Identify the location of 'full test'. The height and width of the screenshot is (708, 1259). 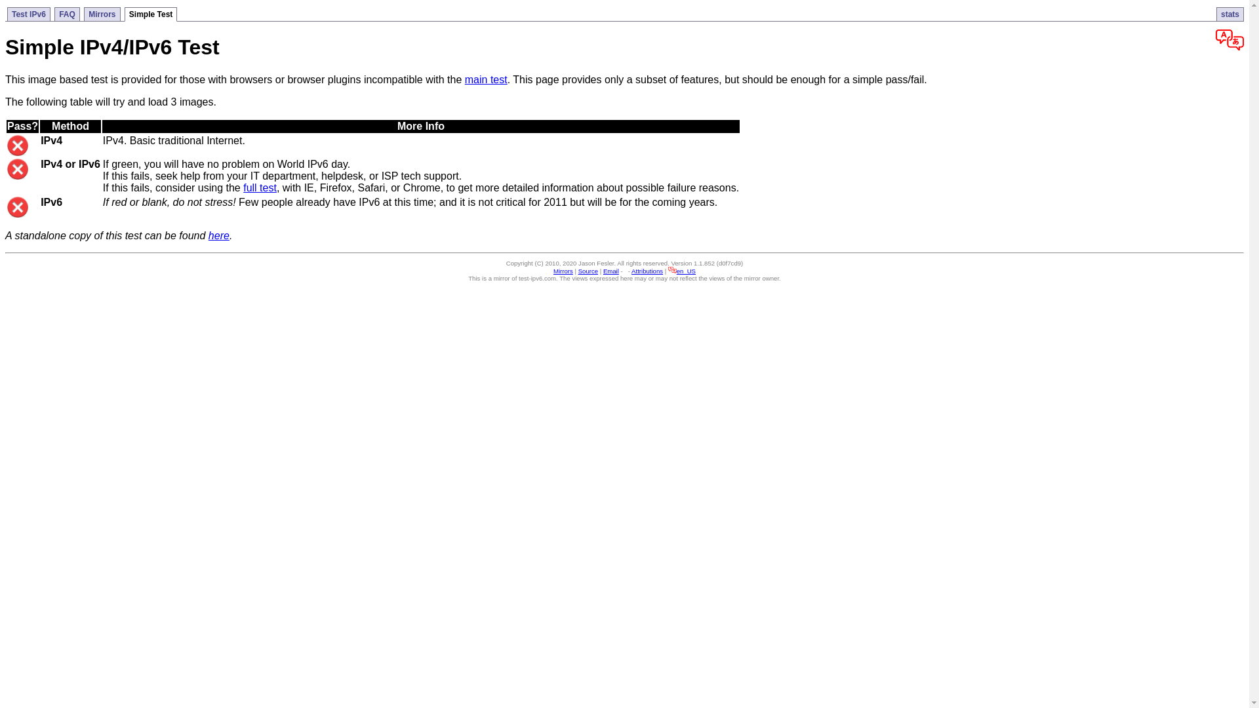
(260, 187).